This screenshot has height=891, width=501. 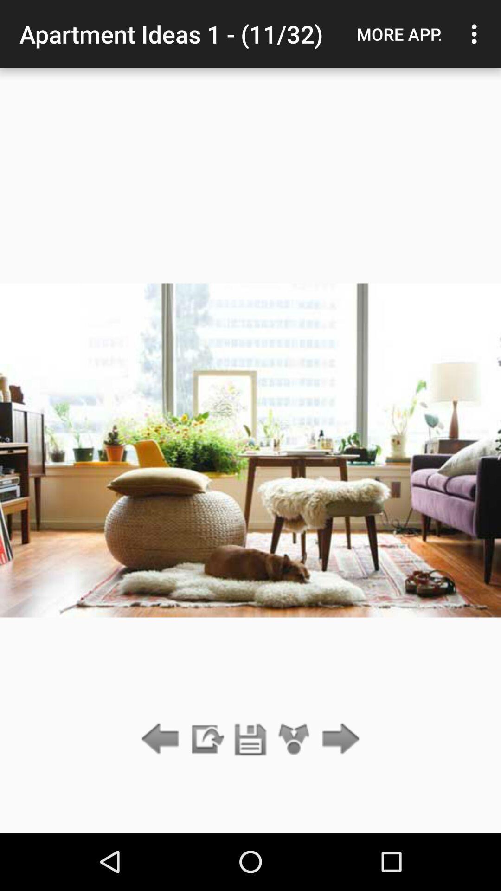 What do you see at coordinates (399, 34) in the screenshot?
I see `the more app. icon` at bounding box center [399, 34].